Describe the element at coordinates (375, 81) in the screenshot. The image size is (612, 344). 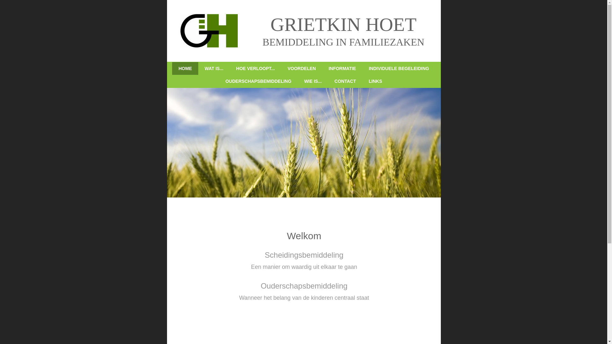
I see `'LINKS'` at that location.